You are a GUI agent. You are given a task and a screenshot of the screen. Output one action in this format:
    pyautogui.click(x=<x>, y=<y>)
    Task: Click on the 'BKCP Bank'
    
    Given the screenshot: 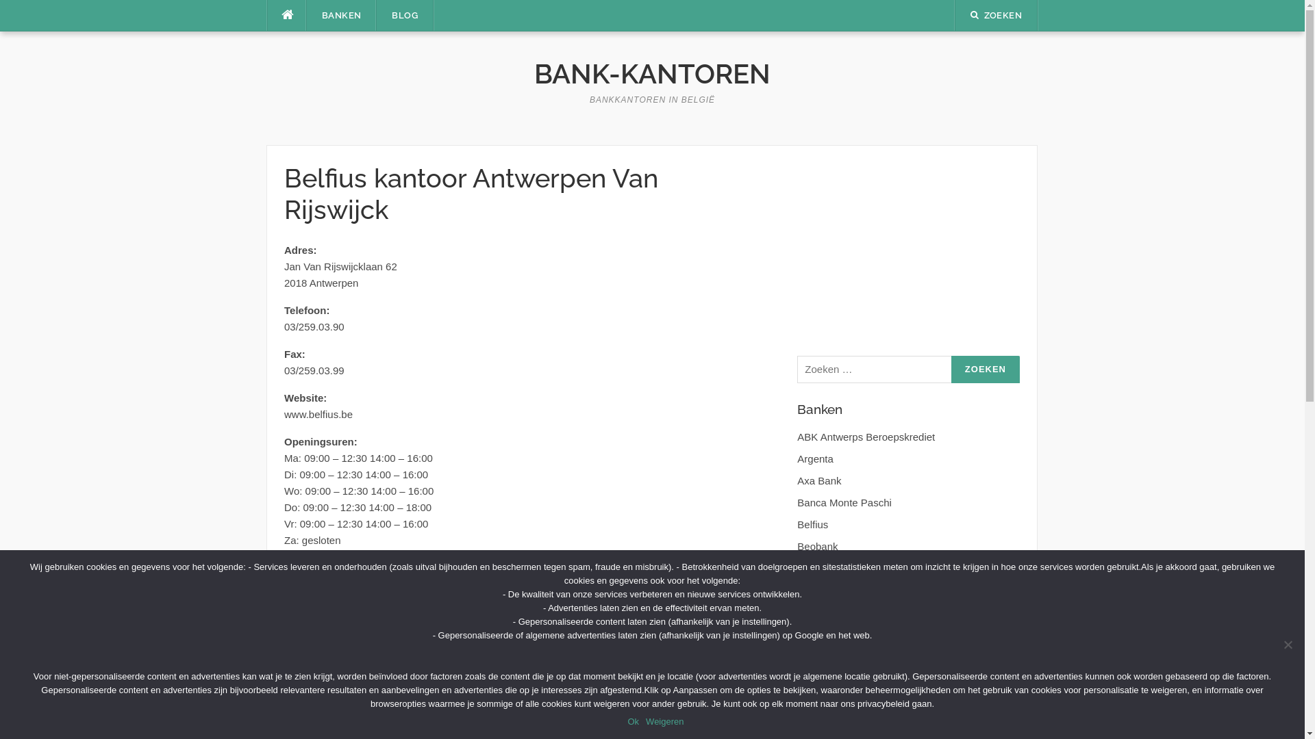 What is the action you would take?
    pyautogui.click(x=823, y=568)
    